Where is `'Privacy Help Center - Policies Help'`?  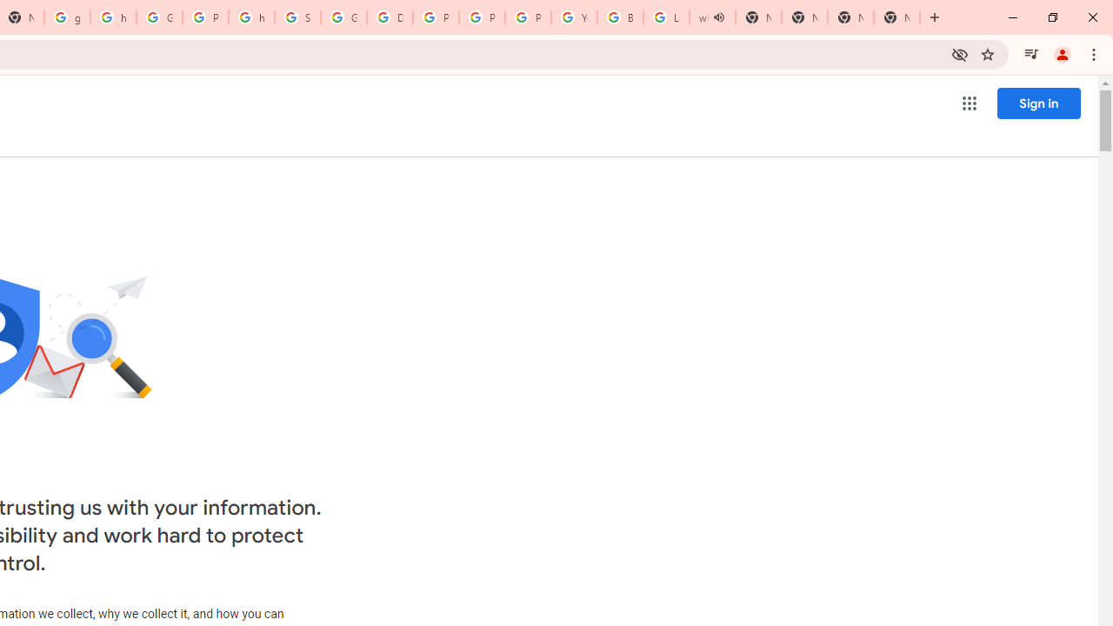 'Privacy Help Center - Policies Help' is located at coordinates (482, 17).